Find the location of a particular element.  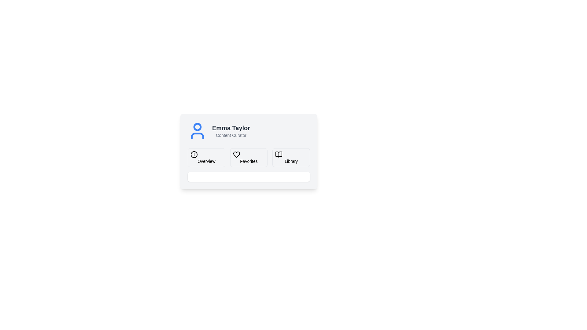

the 'Library' icon (SVG) located at the bottom right of the user information card is located at coordinates (279, 154).